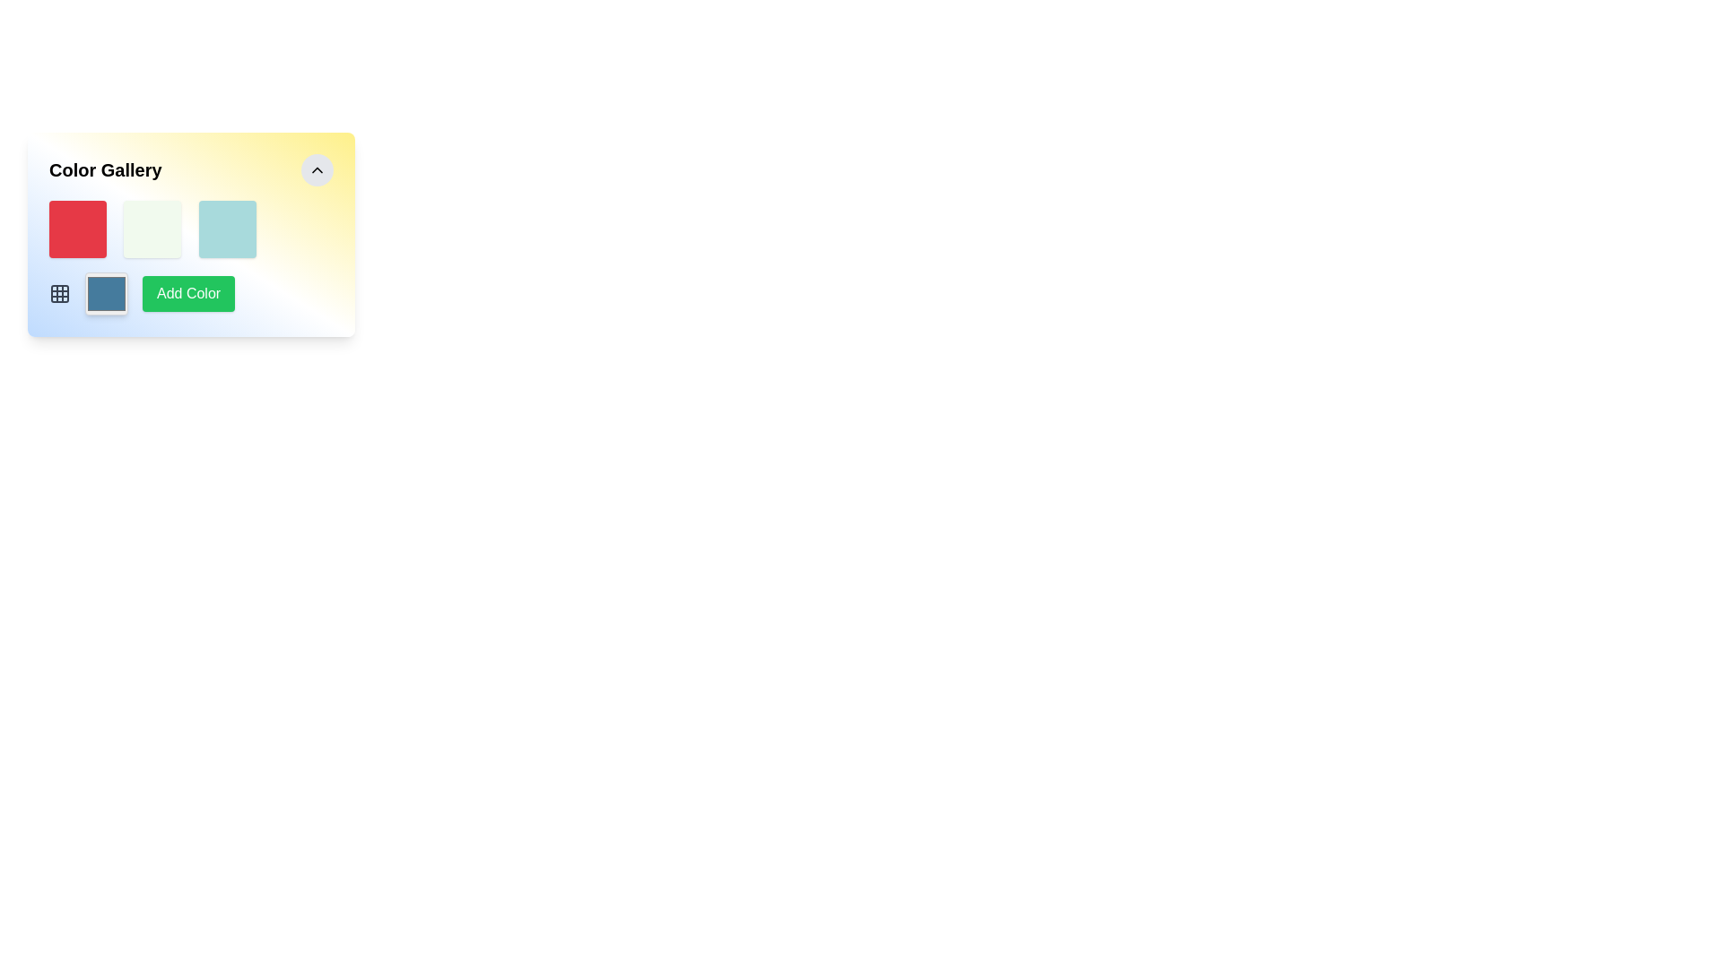 The height and width of the screenshot is (968, 1722). Describe the element at coordinates (60, 292) in the screenshot. I see `the grid configuration icon, which is a gray grid-like icon with three rows and three columns, located below the 'Add Color' button` at that location.